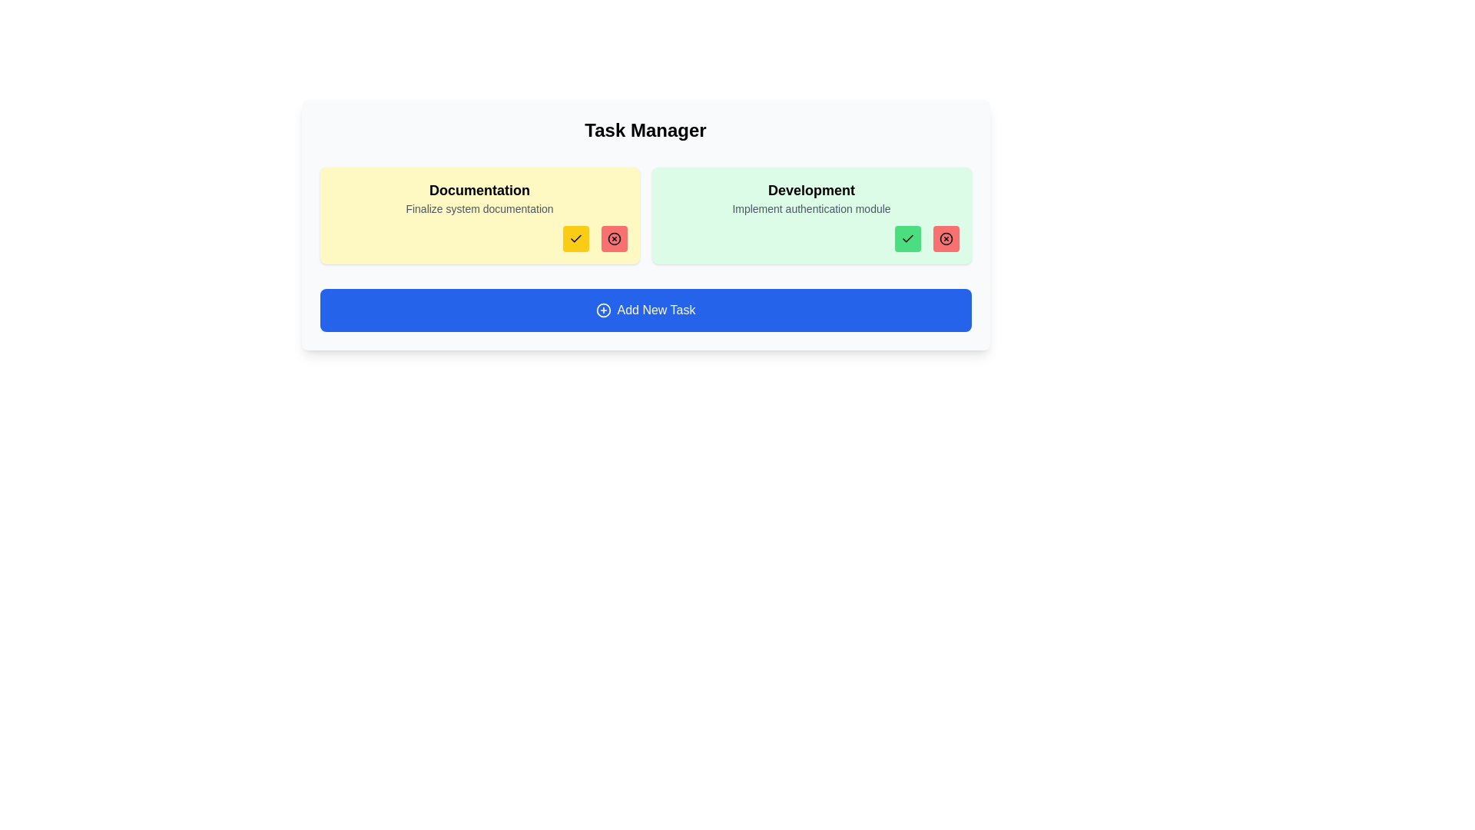 The image size is (1475, 830). Describe the element at coordinates (907, 239) in the screenshot. I see `the checkmark icon button within the green rounded square background on the task card labeled 'Development' to mark the task as completed` at that location.